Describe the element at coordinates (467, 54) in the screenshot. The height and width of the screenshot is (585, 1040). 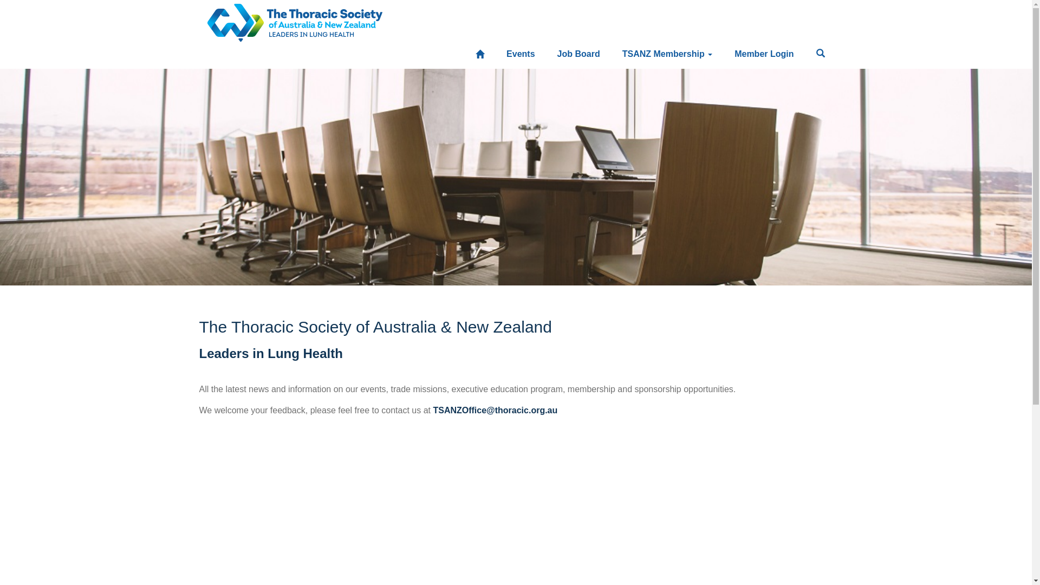
I see `'Home'` at that location.